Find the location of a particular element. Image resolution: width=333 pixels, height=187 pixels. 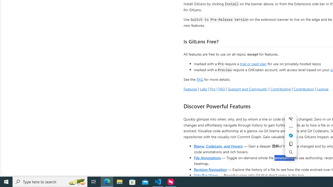

'Blame, CodeLens, and Hovers' is located at coordinates (218, 146).